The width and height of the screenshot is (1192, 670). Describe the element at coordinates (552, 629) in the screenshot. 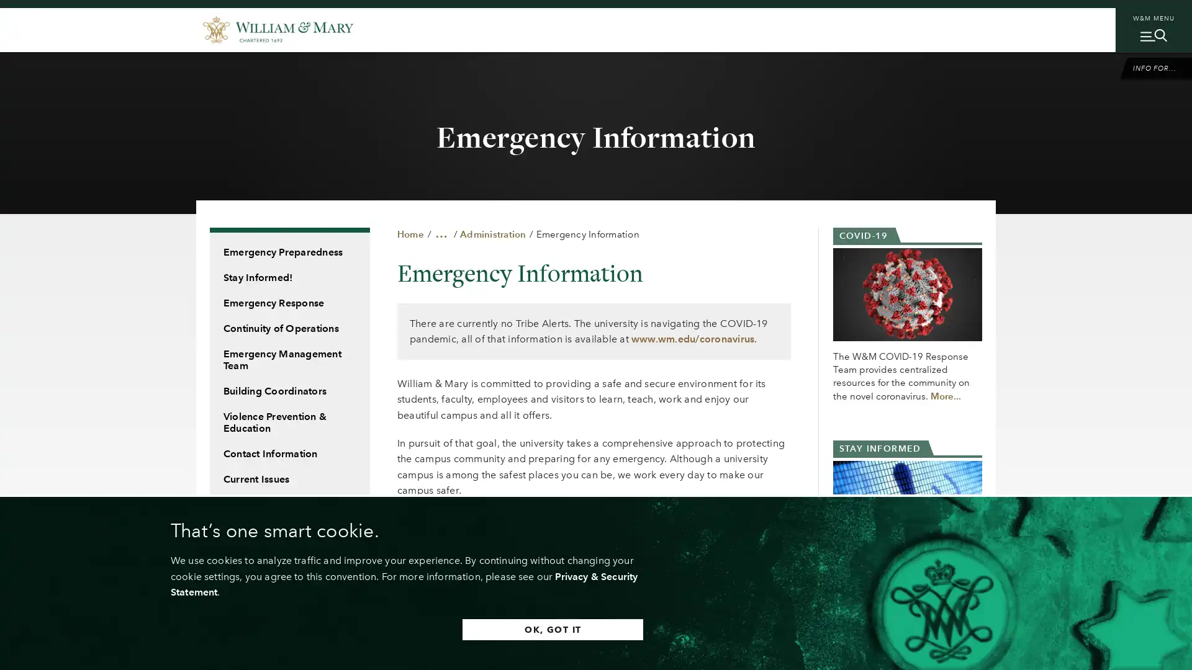

I see `OK, GOT IT` at that location.